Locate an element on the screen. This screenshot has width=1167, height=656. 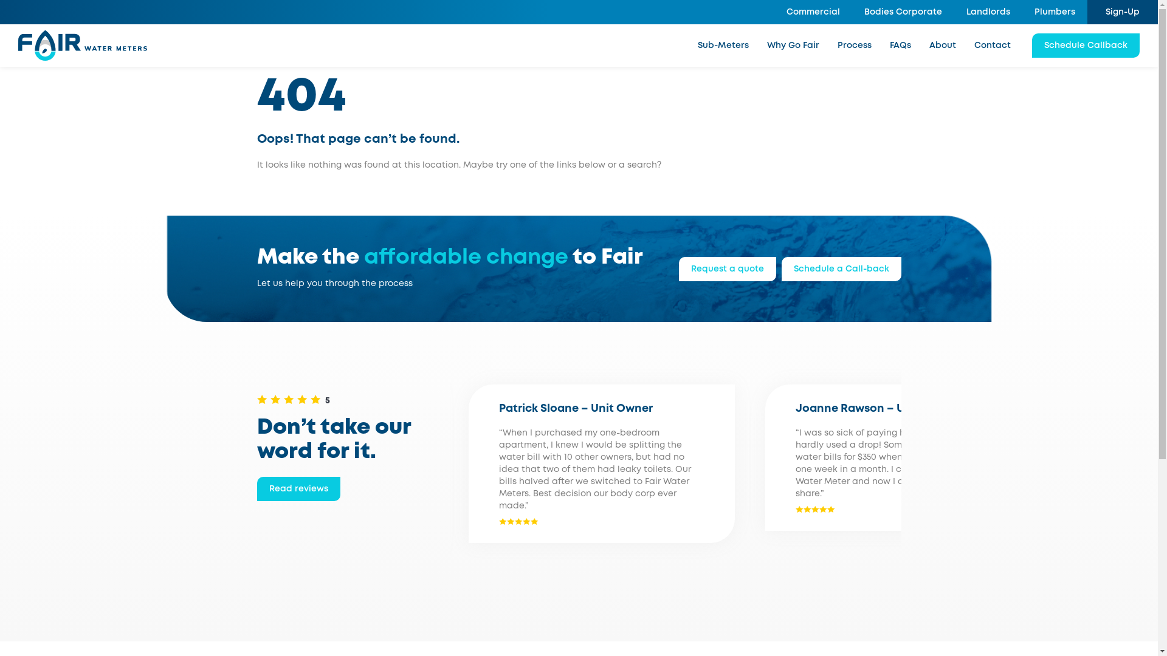
'FAQs' is located at coordinates (900, 44).